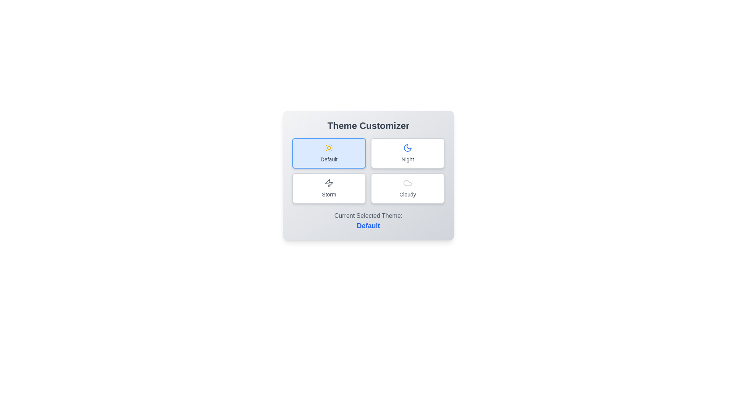 Image resolution: width=733 pixels, height=412 pixels. What do you see at coordinates (329, 183) in the screenshot?
I see `the icon of the Storm theme button` at bounding box center [329, 183].